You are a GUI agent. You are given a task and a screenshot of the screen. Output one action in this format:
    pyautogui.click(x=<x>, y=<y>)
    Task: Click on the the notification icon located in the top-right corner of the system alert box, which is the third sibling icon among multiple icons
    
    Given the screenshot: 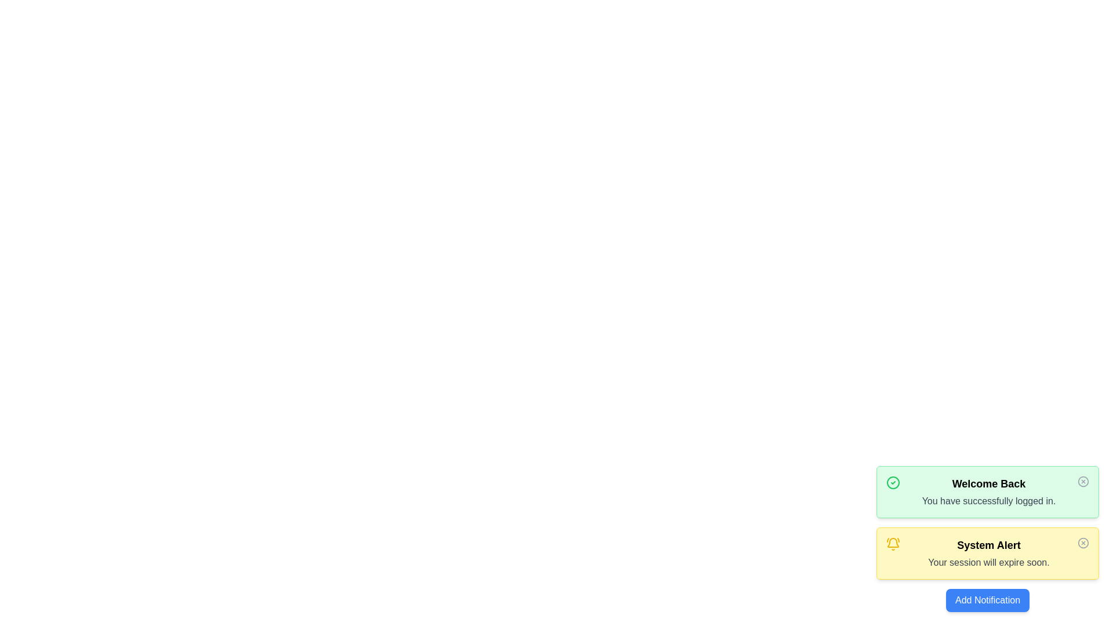 What is the action you would take?
    pyautogui.click(x=892, y=543)
    